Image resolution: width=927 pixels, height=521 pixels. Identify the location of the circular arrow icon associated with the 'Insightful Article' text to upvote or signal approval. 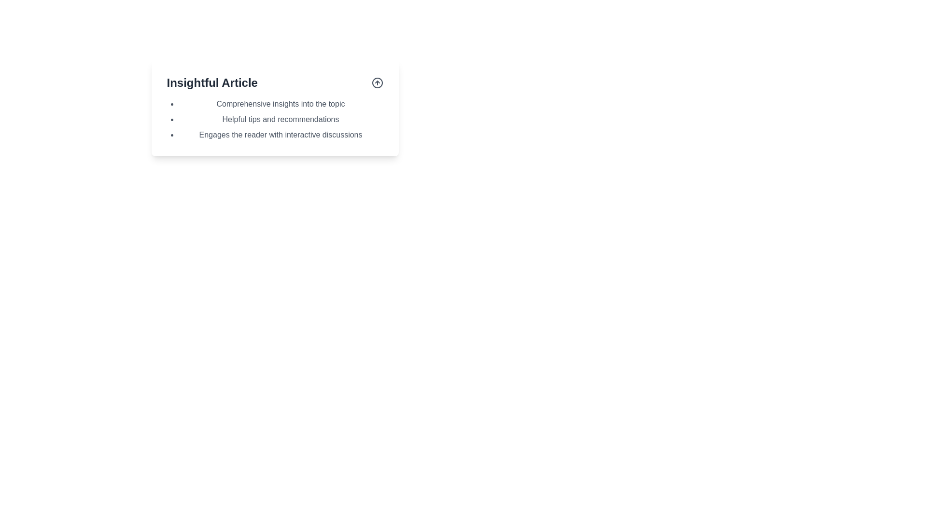
(377, 82).